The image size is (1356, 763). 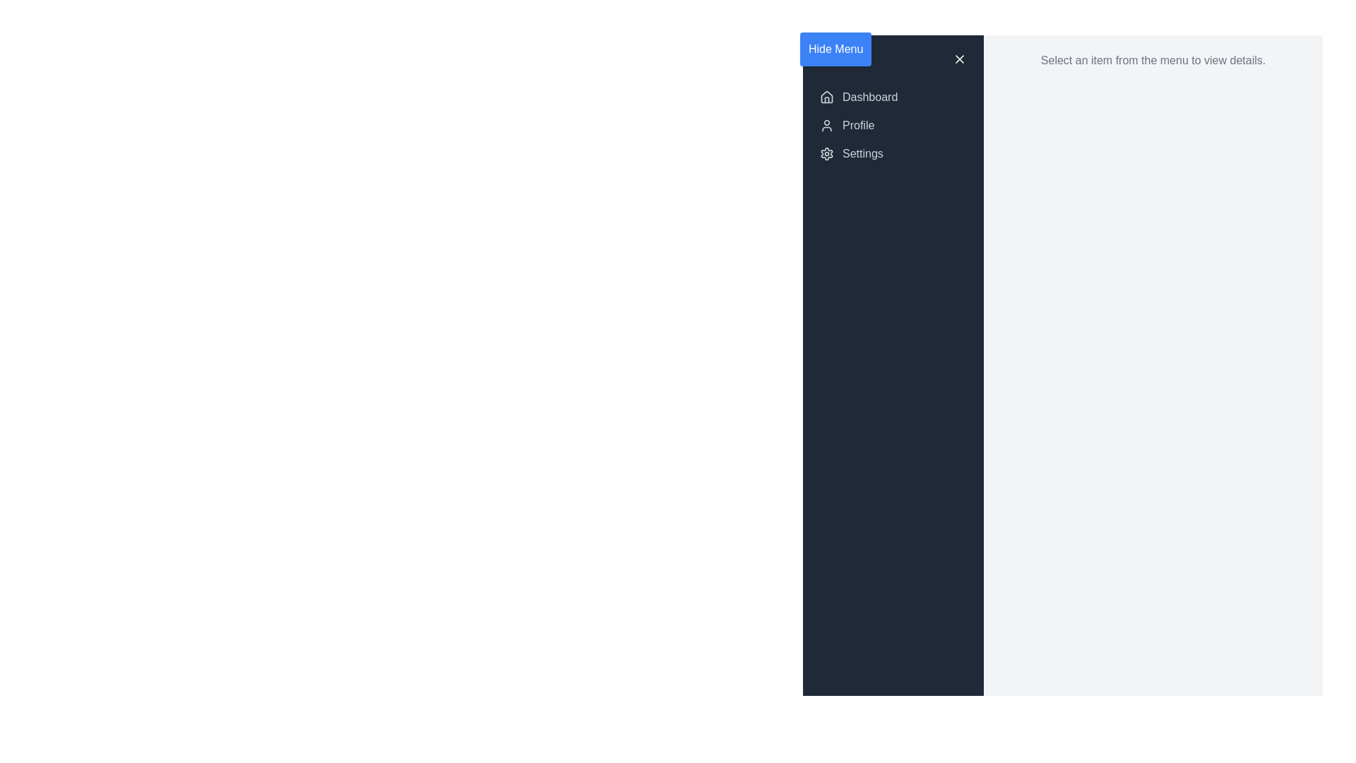 What do you see at coordinates (862, 154) in the screenshot?
I see `the 'Settings' text label in the vertical menu column` at bounding box center [862, 154].